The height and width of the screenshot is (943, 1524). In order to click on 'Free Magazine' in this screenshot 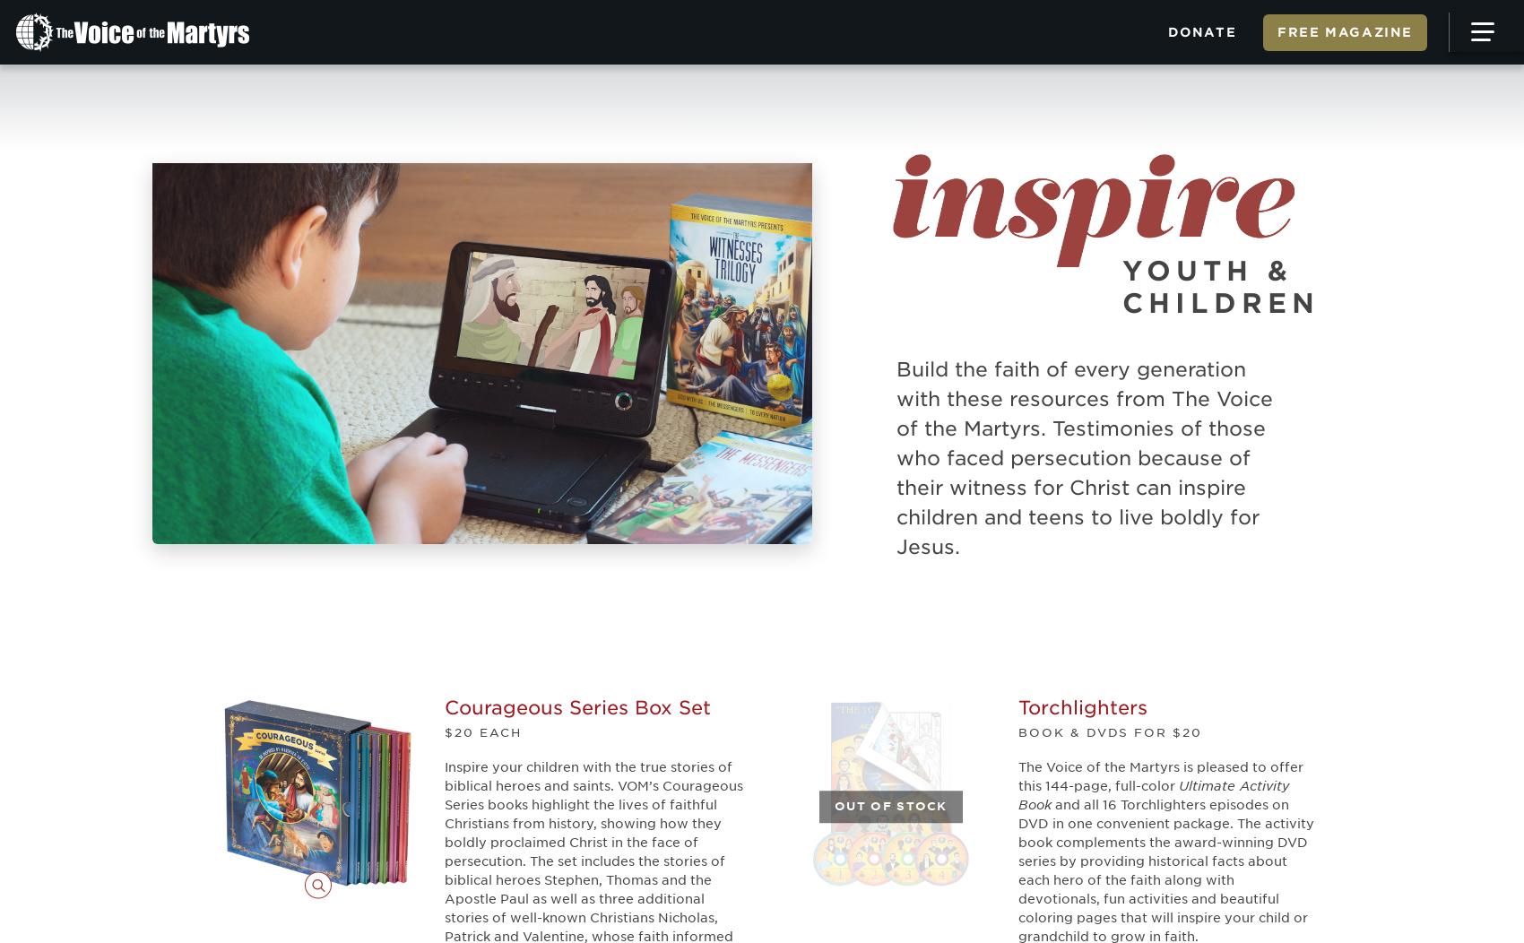, I will do `click(1345, 31)`.